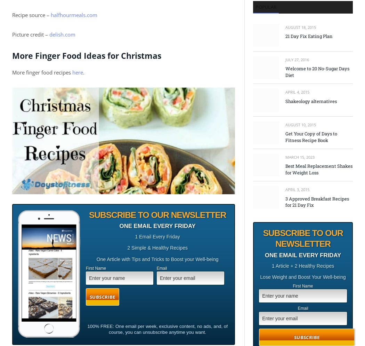 This screenshot has width=365, height=346. I want to click on '2 Simple & Healthy Recipes', so click(157, 248).